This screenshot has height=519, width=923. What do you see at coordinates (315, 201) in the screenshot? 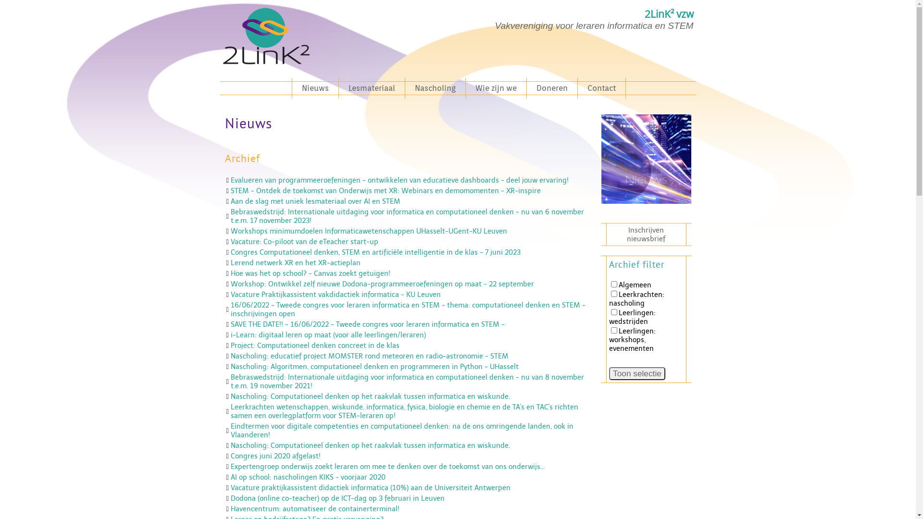
I see `'Aan de slag met uniek lesmateriaal over AI en STEM'` at bounding box center [315, 201].